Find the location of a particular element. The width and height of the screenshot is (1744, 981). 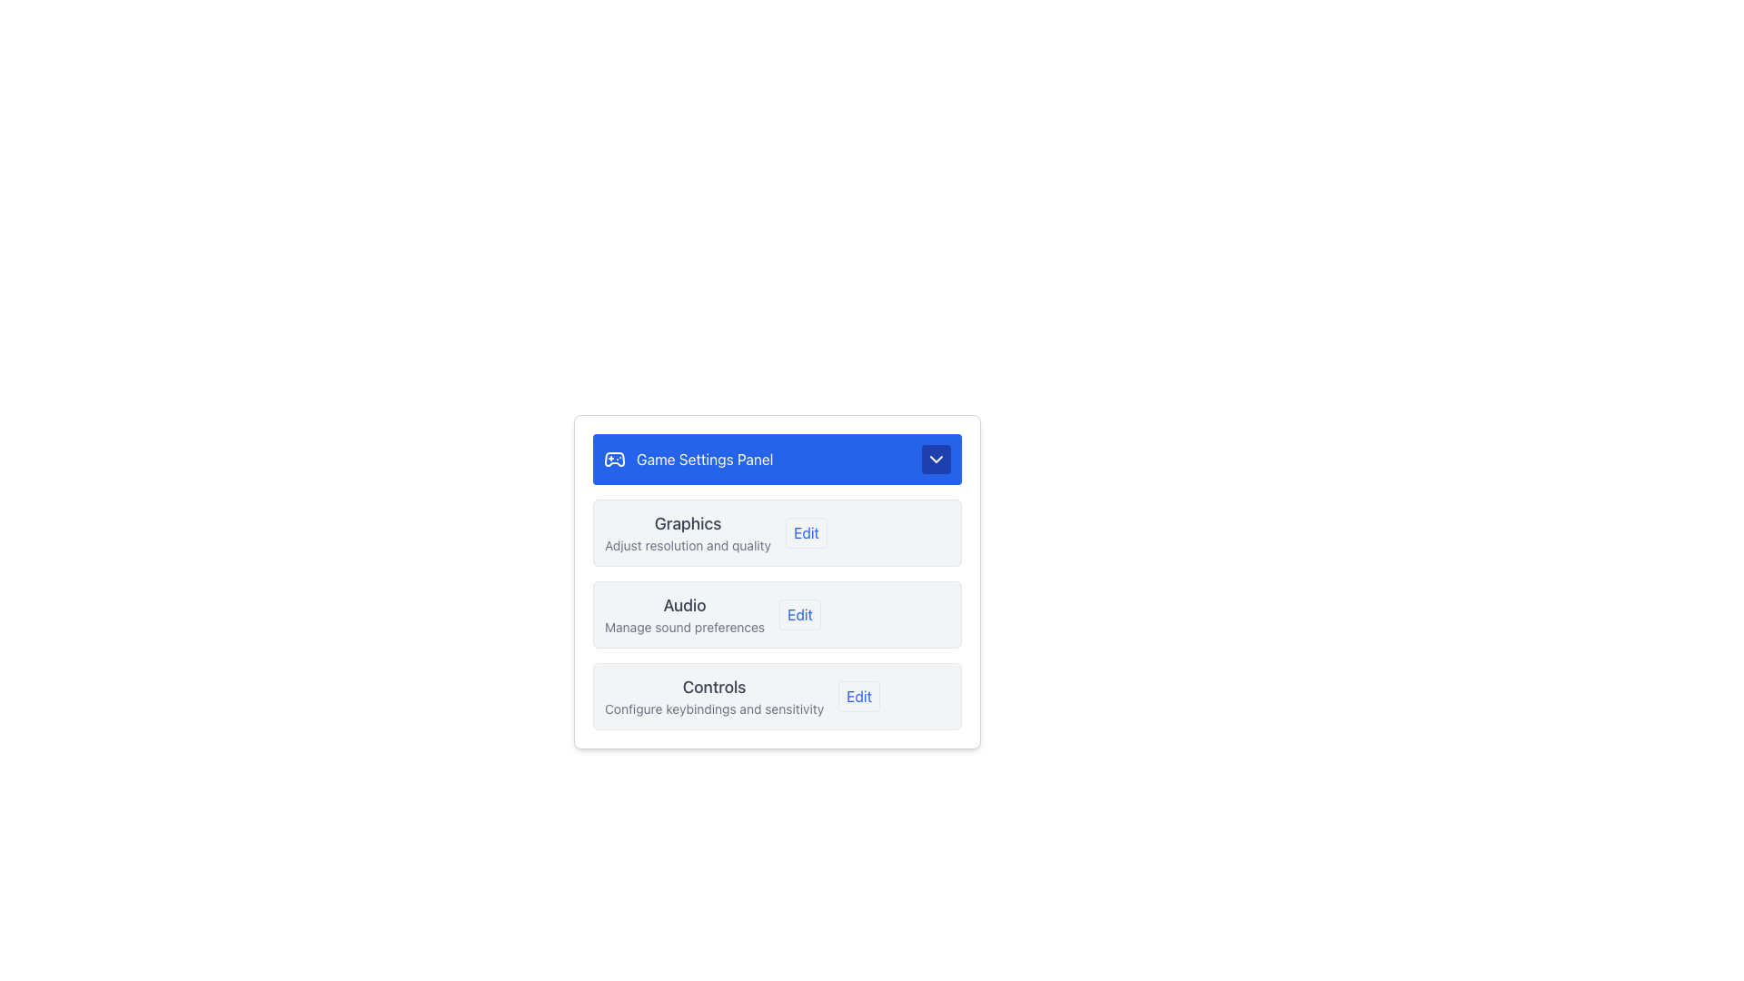

the text label displaying 'Audio' in a medium-sized, bold gray font, located within the settings panel under the 'Audio' section is located at coordinates (683, 606).